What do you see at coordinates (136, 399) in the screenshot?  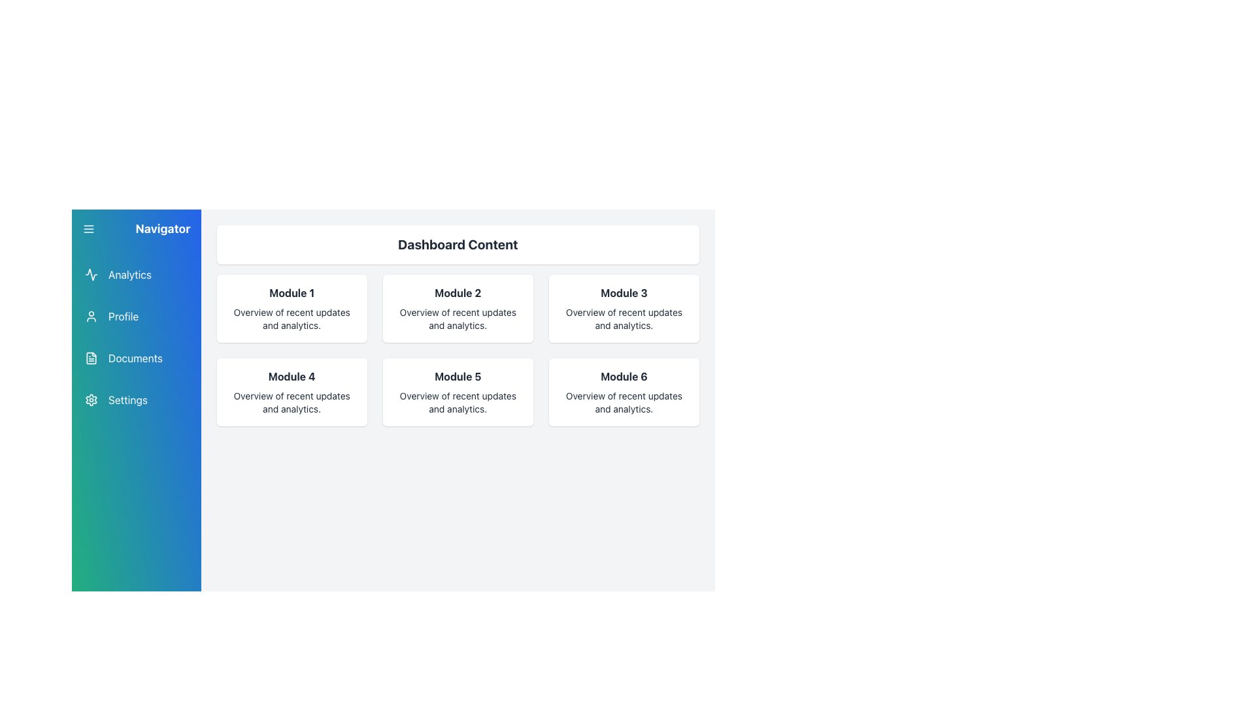 I see `the fourth navigation button in the vertical left sidebar menu` at bounding box center [136, 399].